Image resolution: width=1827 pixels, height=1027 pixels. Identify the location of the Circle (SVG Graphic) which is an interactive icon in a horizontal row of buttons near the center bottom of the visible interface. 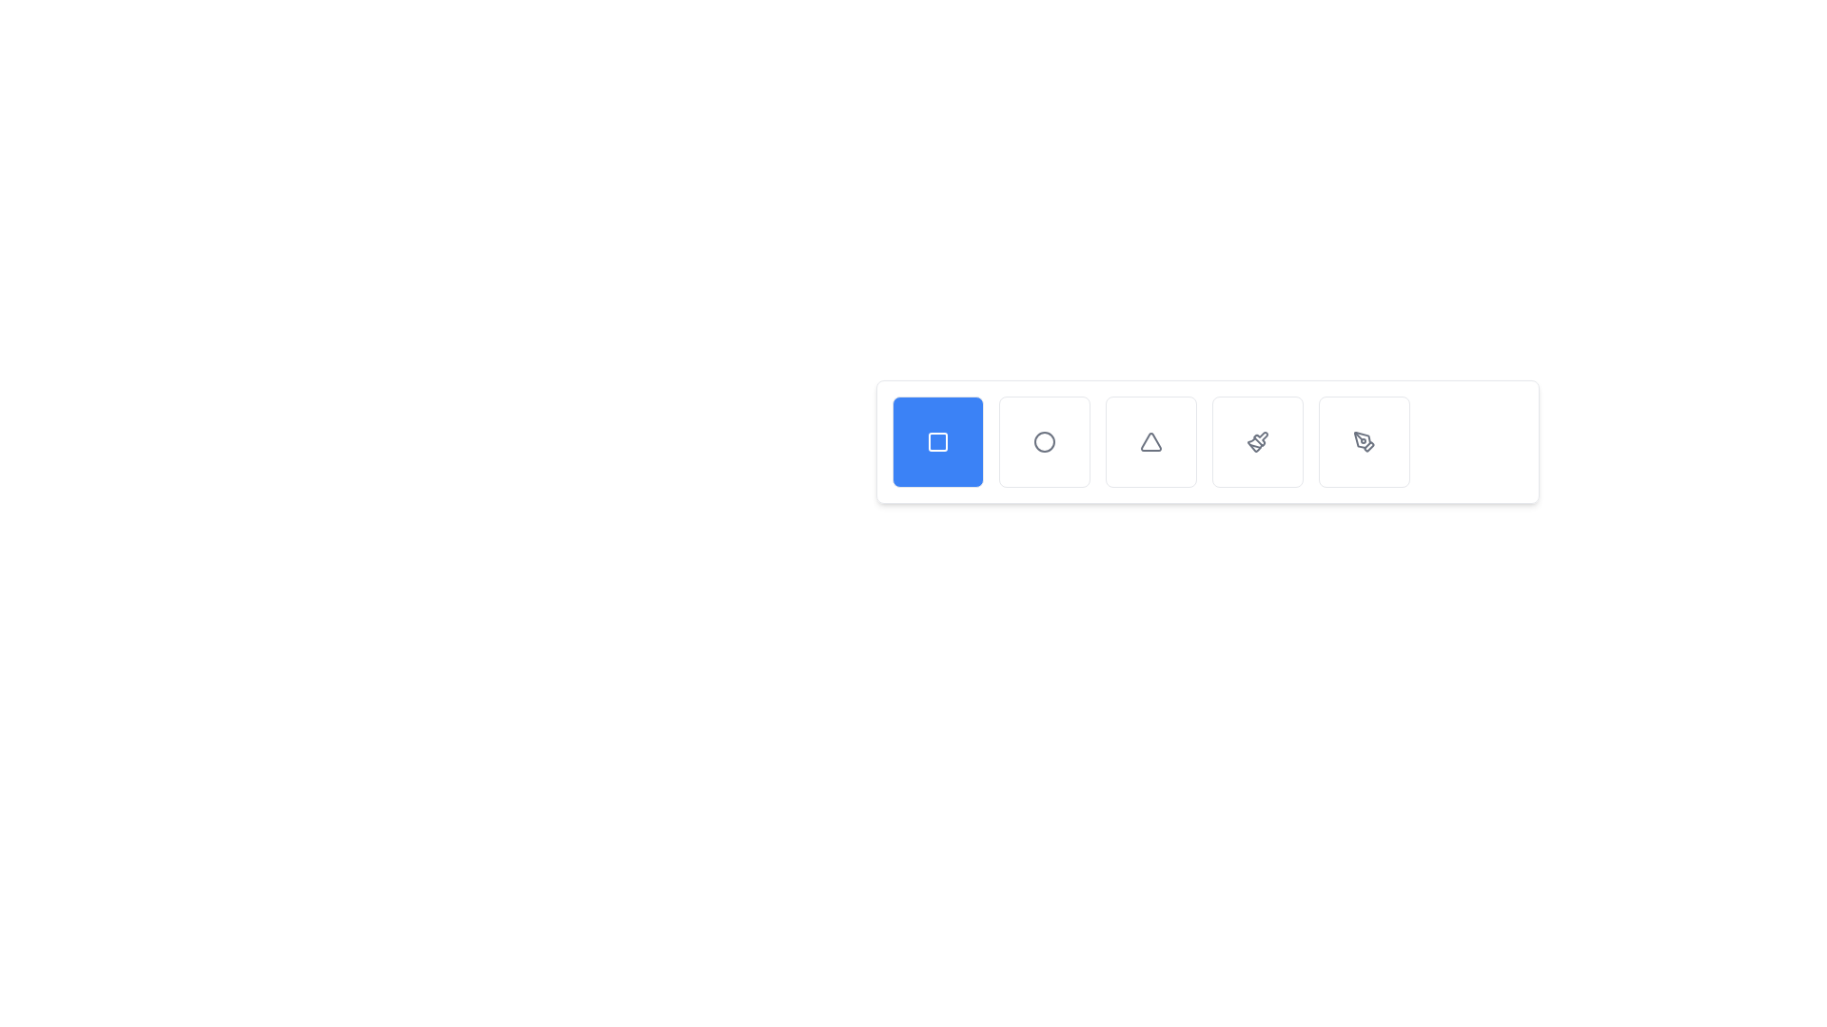
(1044, 442).